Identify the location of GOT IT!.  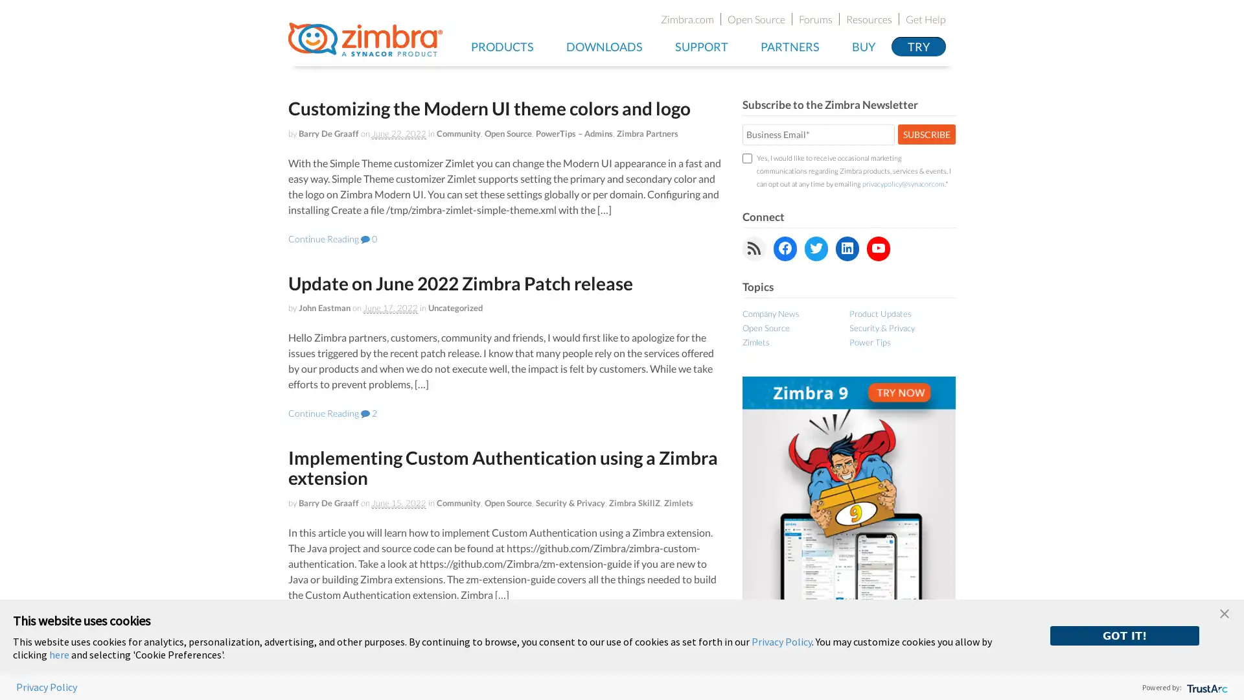
(1124, 635).